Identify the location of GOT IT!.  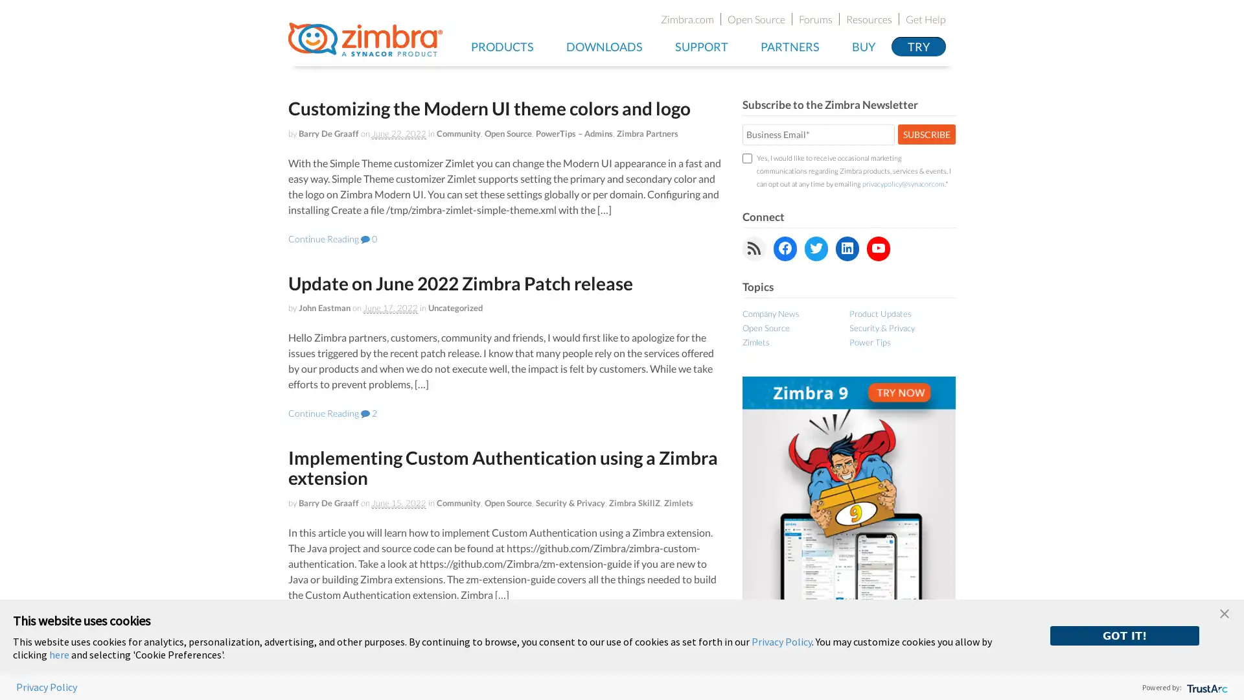
(1124, 635).